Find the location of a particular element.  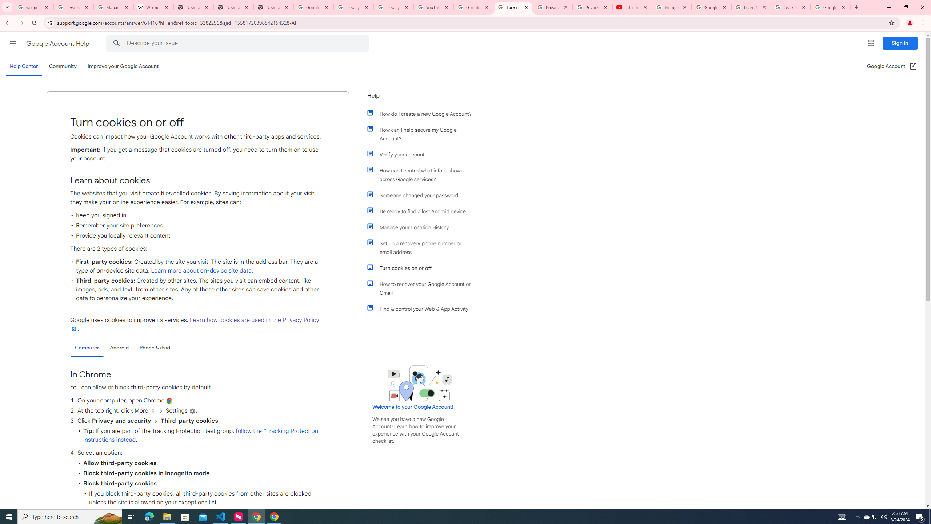

'More' is located at coordinates (153, 411).